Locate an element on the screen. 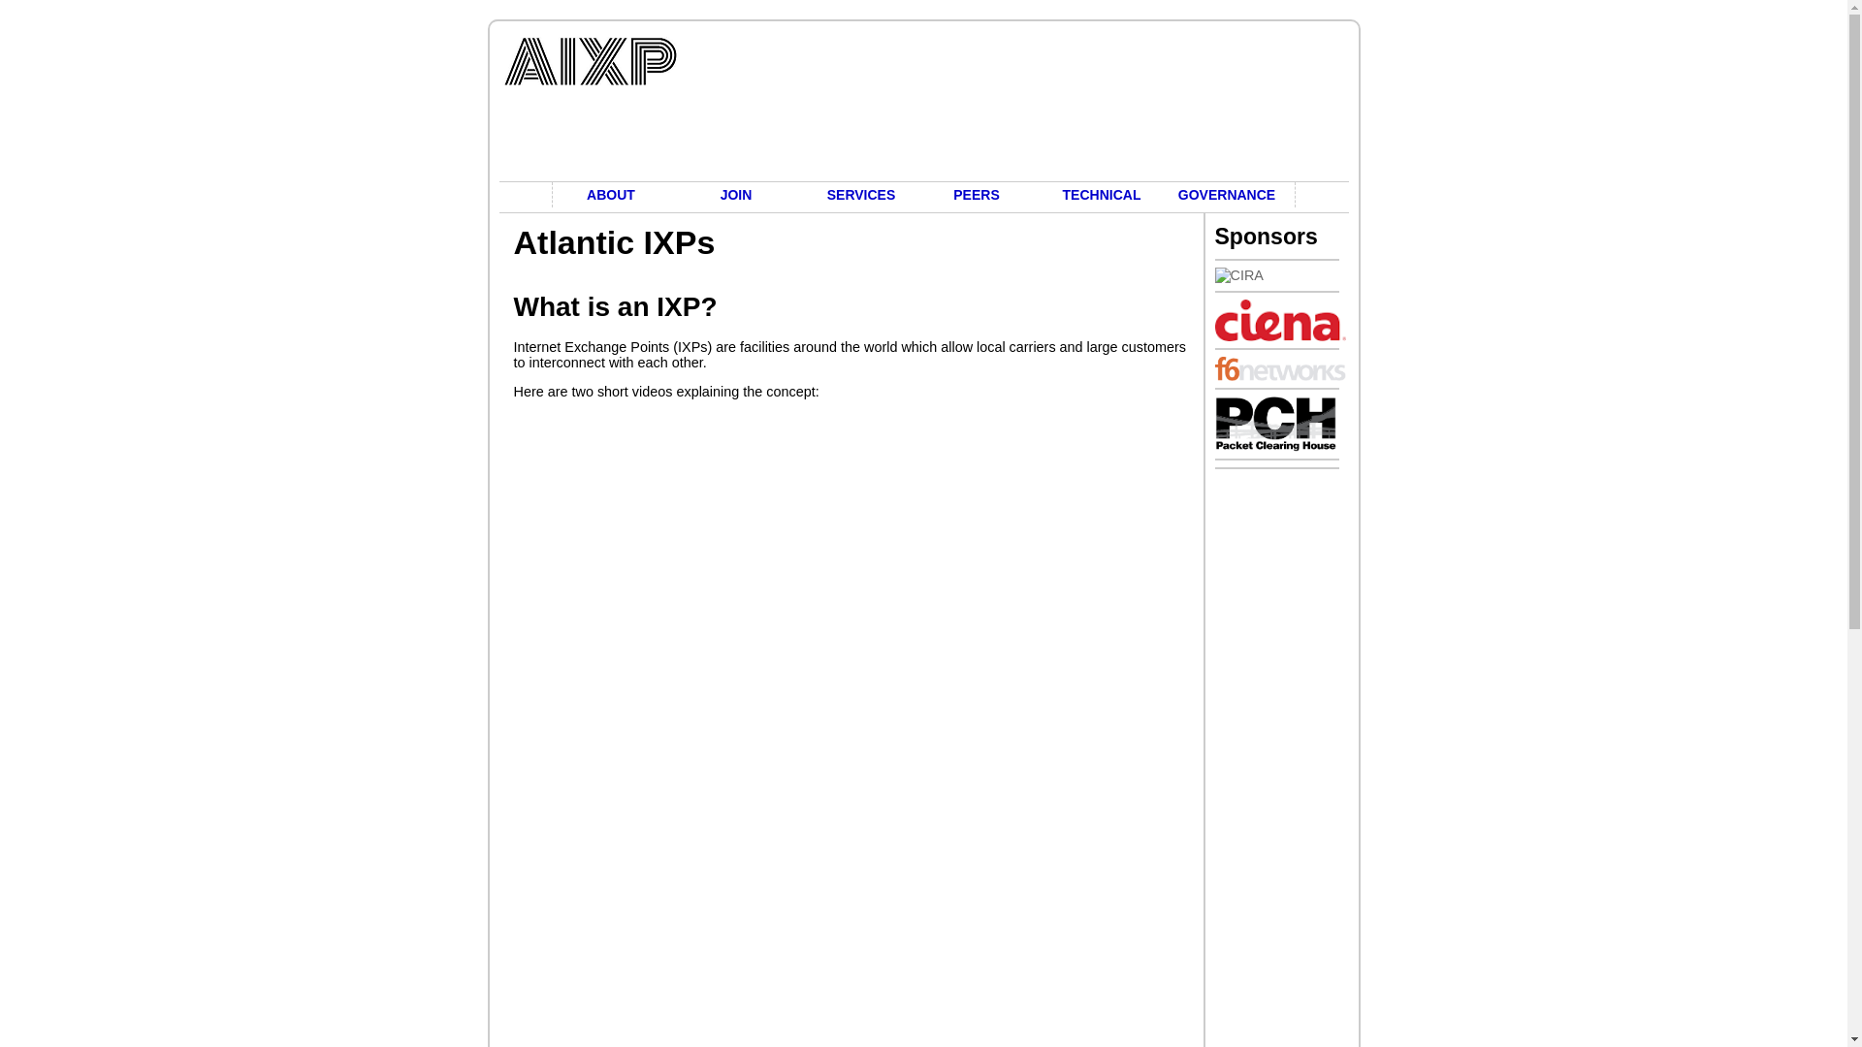 The width and height of the screenshot is (1862, 1047). 'SERVICES' is located at coordinates (860, 194).